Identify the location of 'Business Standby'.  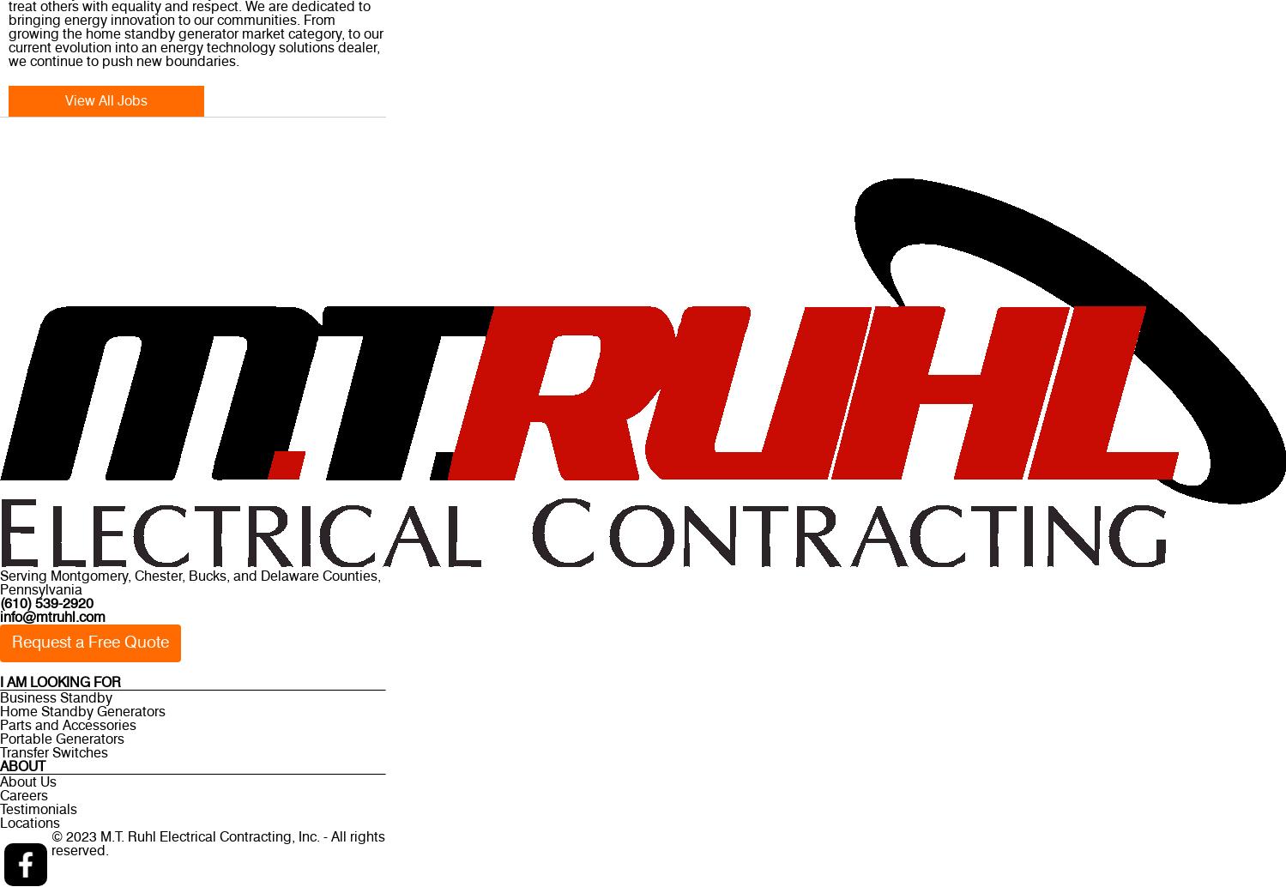
(55, 697).